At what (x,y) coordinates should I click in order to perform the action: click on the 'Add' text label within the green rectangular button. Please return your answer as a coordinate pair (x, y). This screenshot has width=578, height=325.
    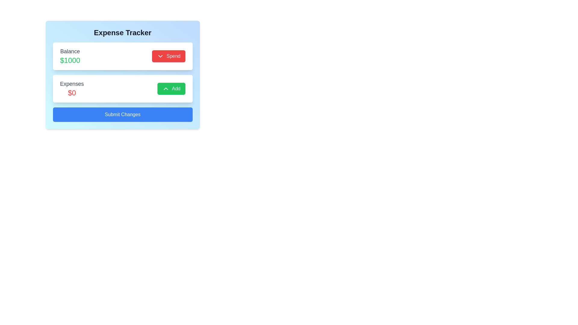
    Looking at the image, I should click on (176, 88).